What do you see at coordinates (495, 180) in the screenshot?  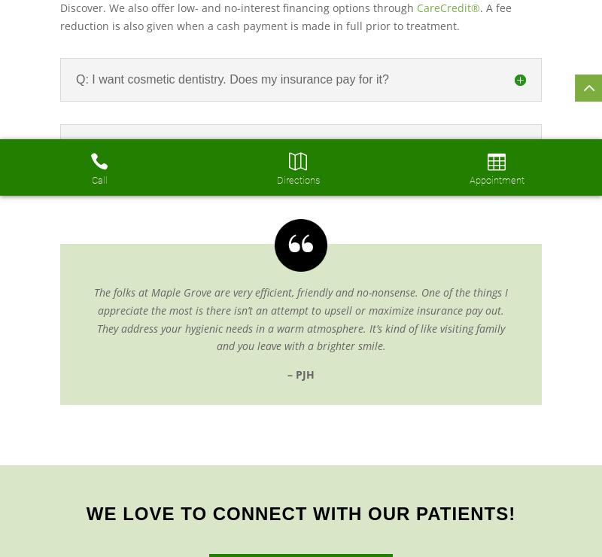 I see `'Appointment'` at bounding box center [495, 180].